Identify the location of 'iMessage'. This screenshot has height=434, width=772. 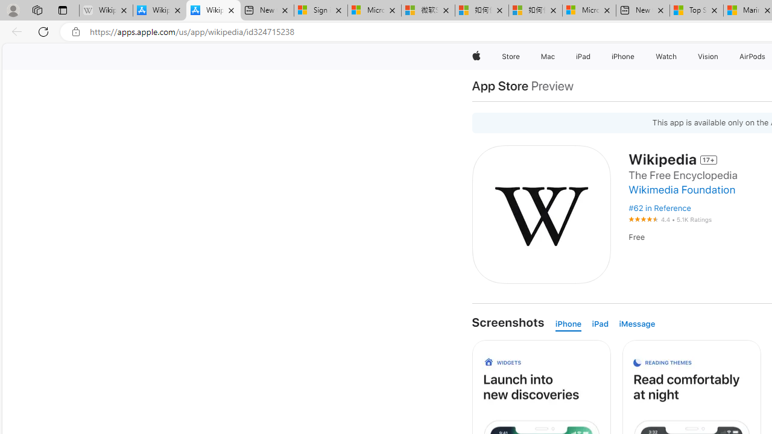
(636, 324).